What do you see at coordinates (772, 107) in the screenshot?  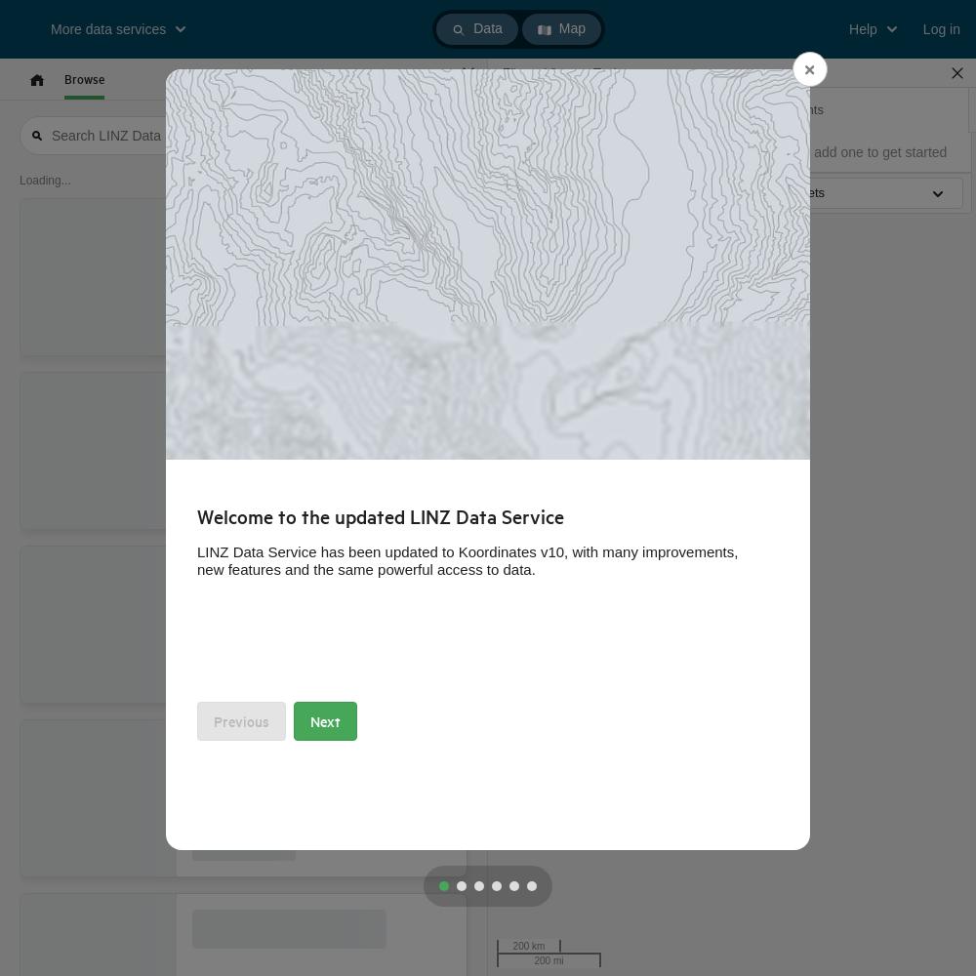 I see `'Contents'` at bounding box center [772, 107].